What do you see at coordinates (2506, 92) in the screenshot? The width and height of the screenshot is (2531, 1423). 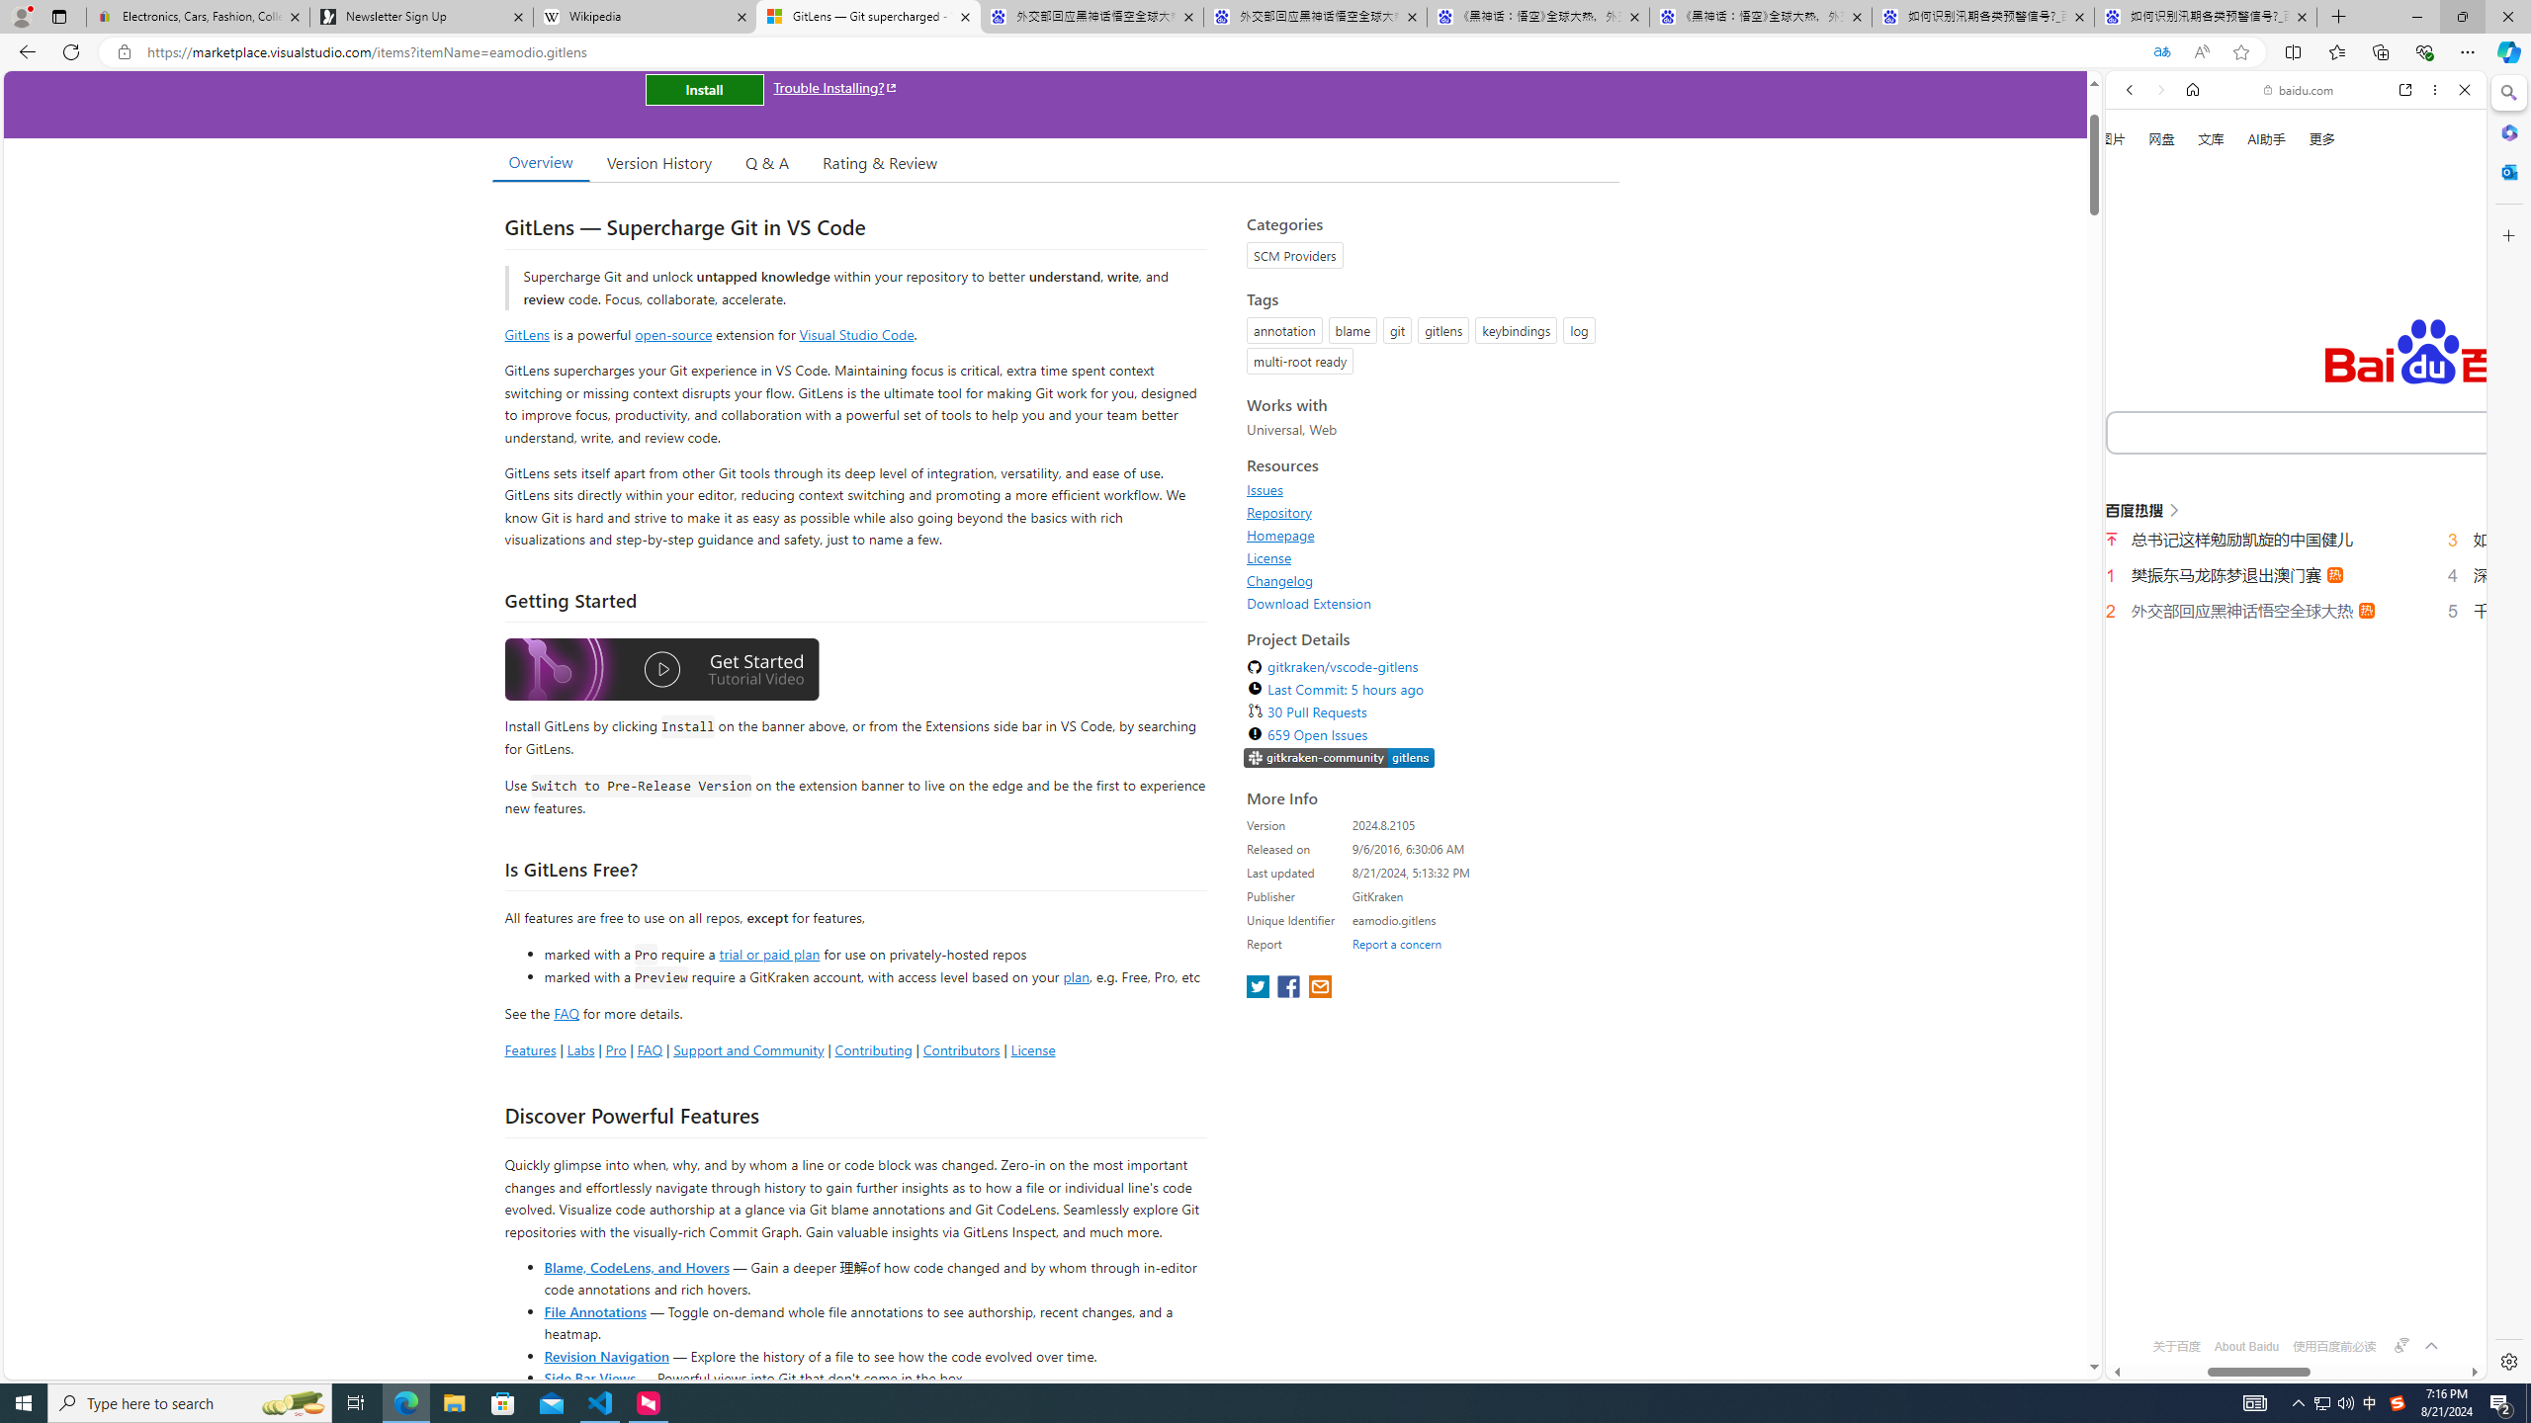 I see `'Search'` at bounding box center [2506, 92].